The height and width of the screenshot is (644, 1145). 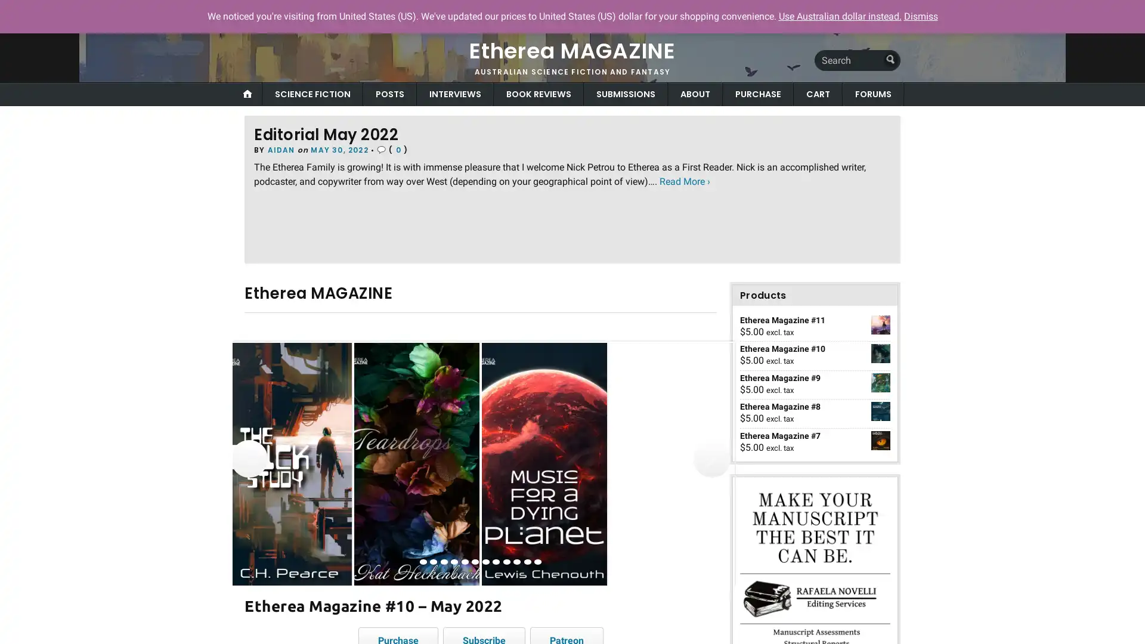 I want to click on view image 9 of 12 in carousel, so click(x=506, y=561).